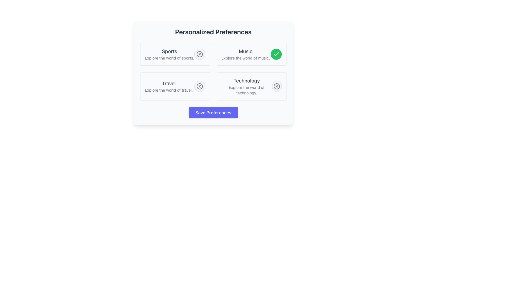 The height and width of the screenshot is (299, 532). What do you see at coordinates (168, 86) in the screenshot?
I see `title and subtitle of the static label located in the travel preferences card, positioned in the second row and first column of a 2x2 grid layout` at bounding box center [168, 86].